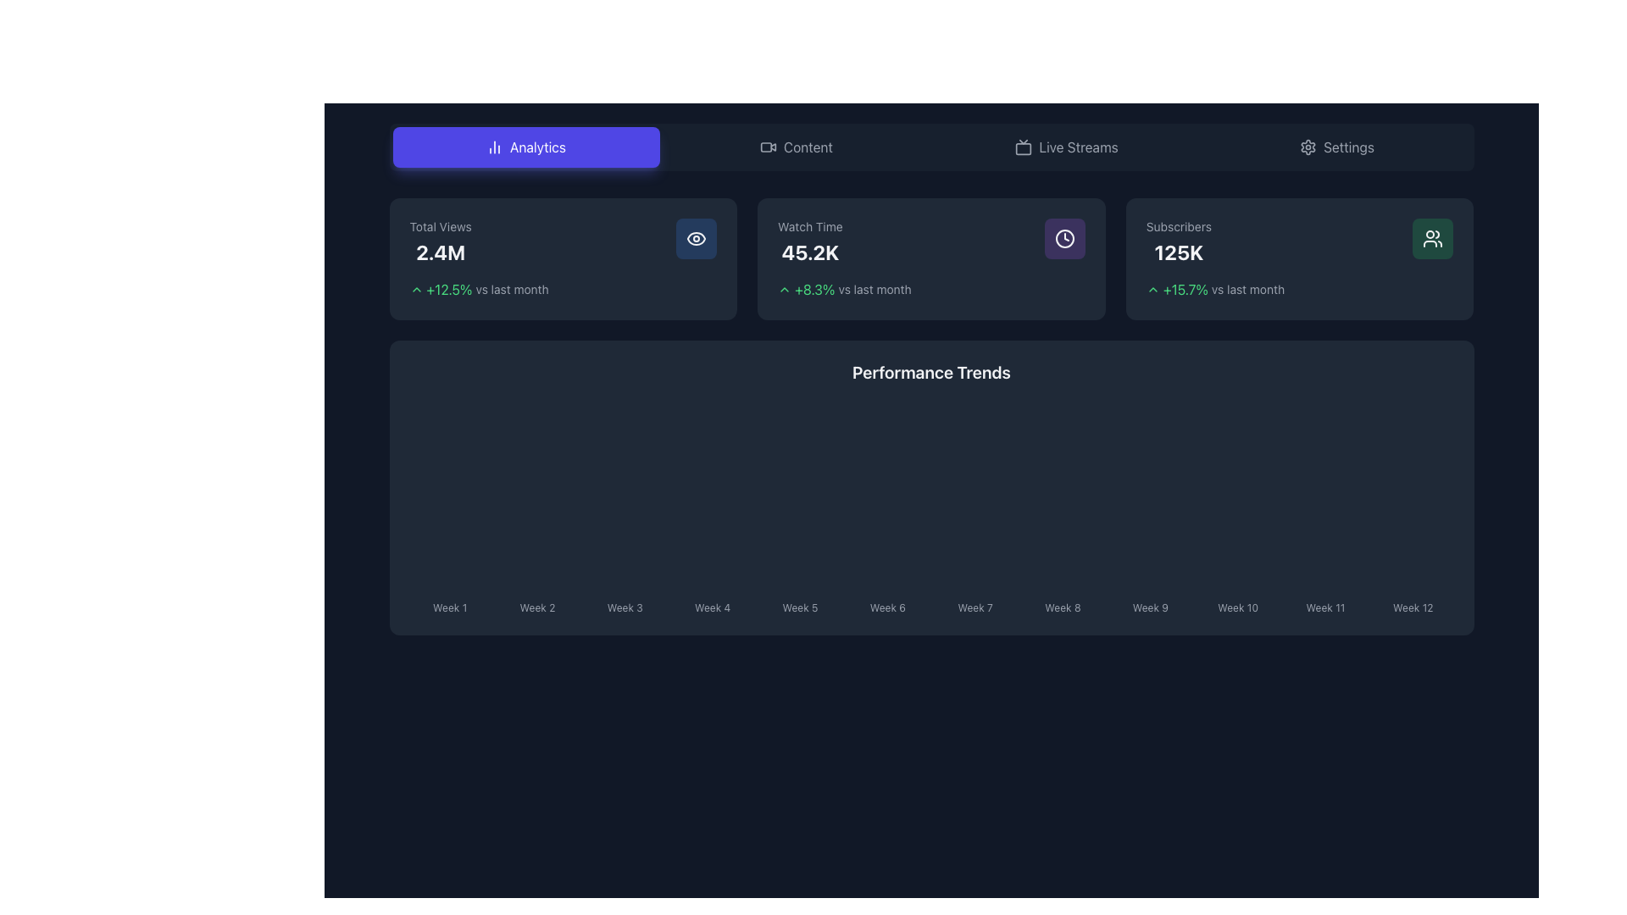 The width and height of the screenshot is (1627, 915). What do you see at coordinates (697, 238) in the screenshot?
I see `the visibility icon located at the top-right corner of the 'Total Views' section, positioned to the right of the '2.4M' text` at bounding box center [697, 238].